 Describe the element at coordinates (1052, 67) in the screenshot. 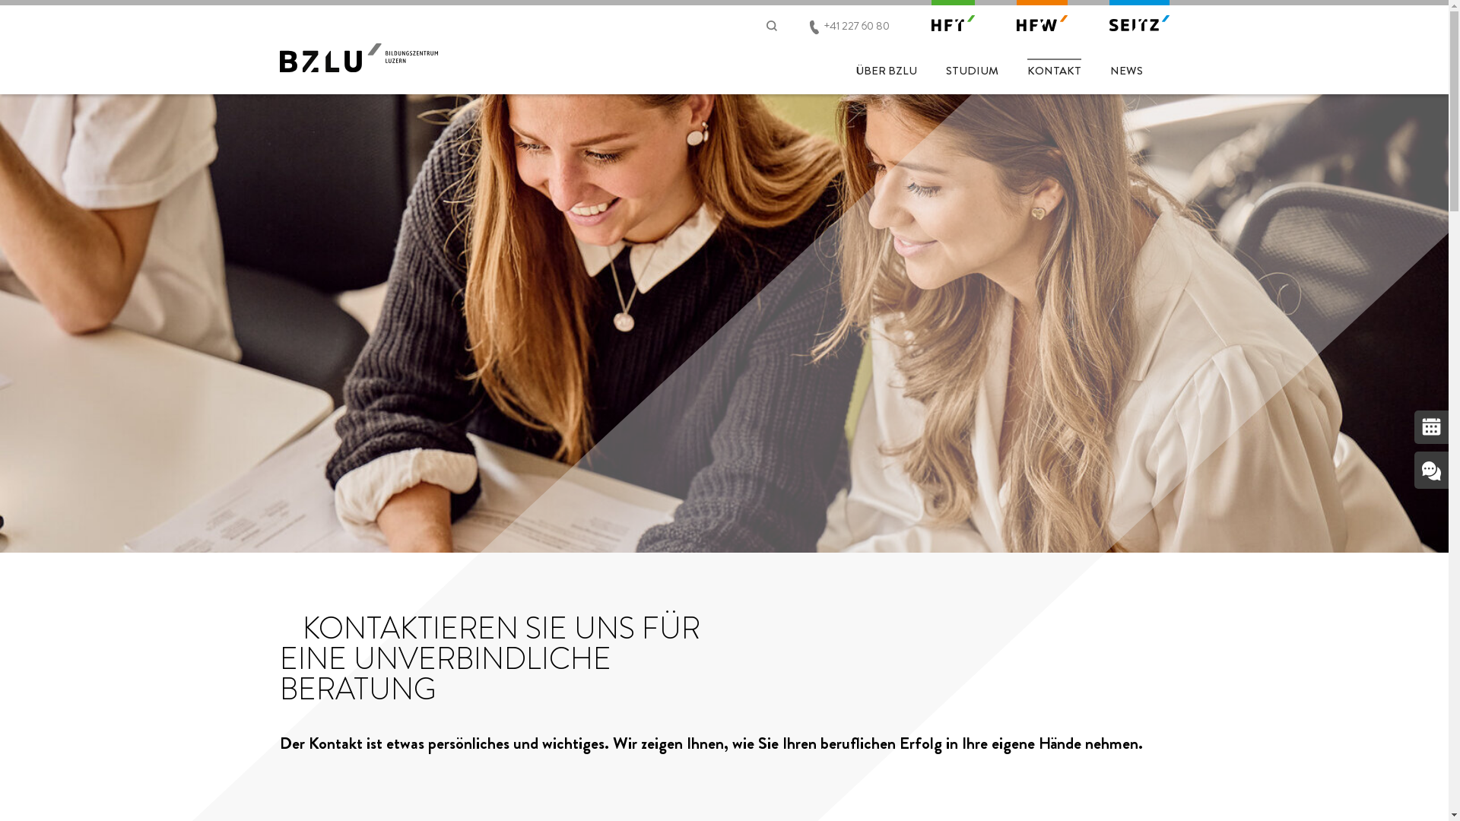

I see `'KONTAKT'` at that location.